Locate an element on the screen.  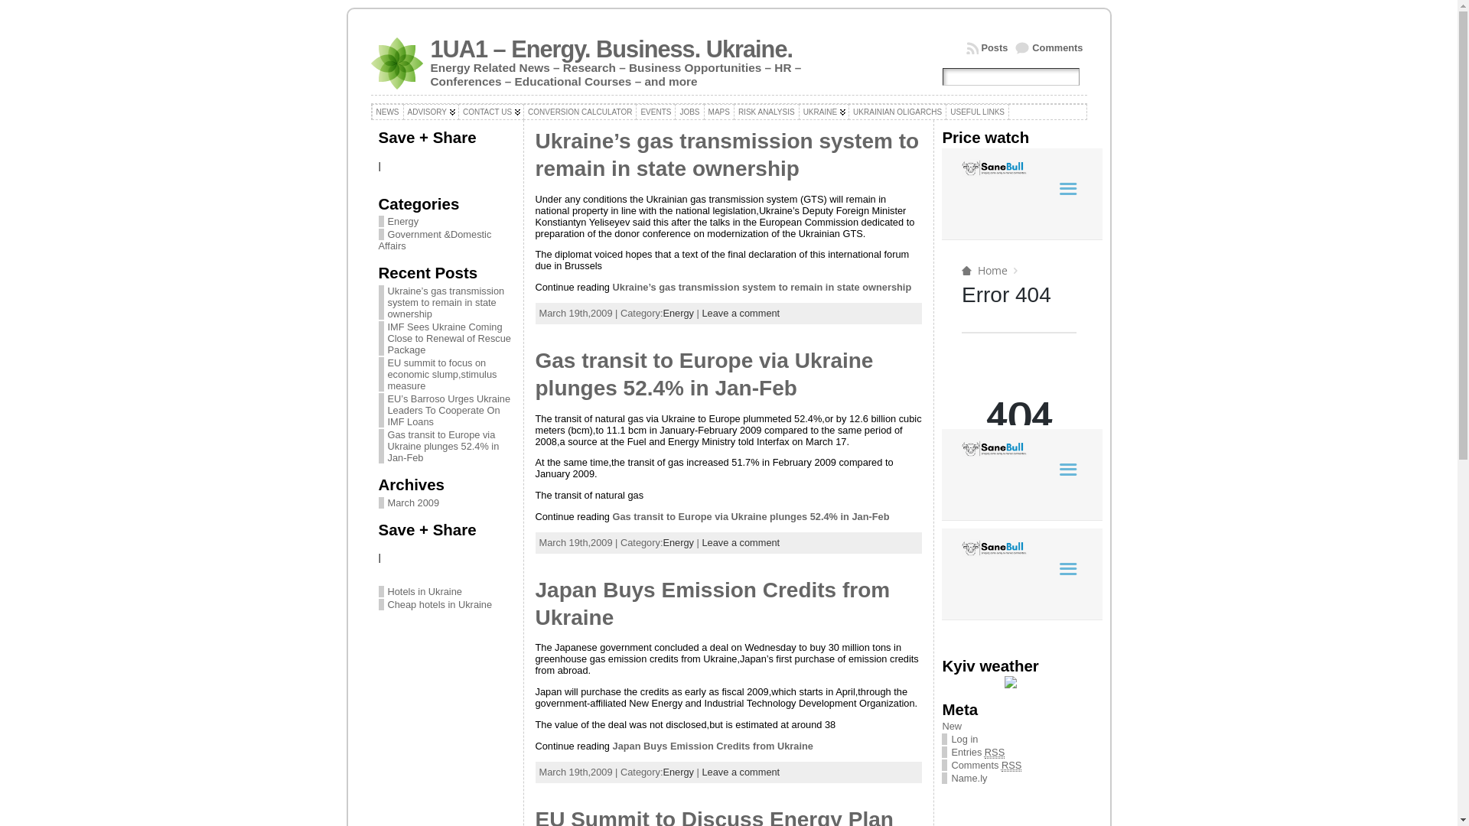
'ADVISORY' is located at coordinates (429, 111).